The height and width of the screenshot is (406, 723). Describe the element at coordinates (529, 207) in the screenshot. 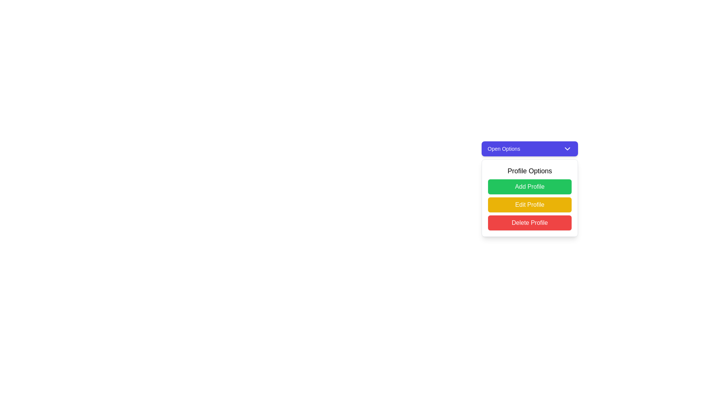

I see `the 'Edit Profile' button, which is a rectangular button with a yellow background and rounded corners located in a dropdown menu below the 'Open Options' header` at that location.